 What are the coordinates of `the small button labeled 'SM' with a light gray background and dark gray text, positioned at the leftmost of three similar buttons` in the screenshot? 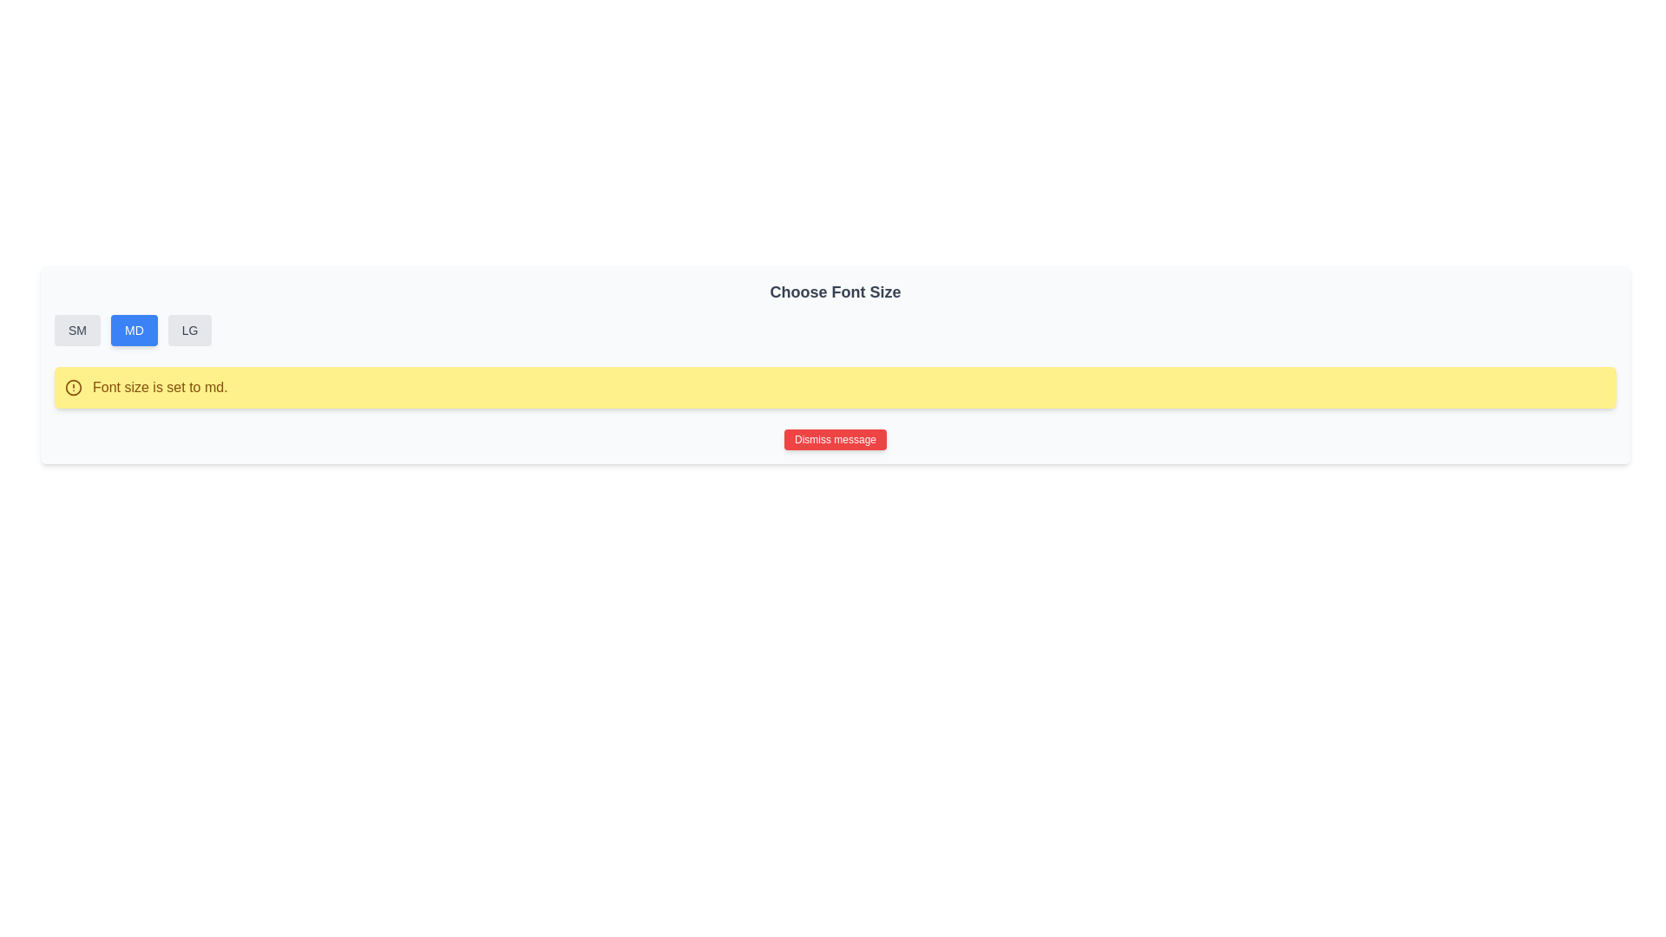 It's located at (76, 331).